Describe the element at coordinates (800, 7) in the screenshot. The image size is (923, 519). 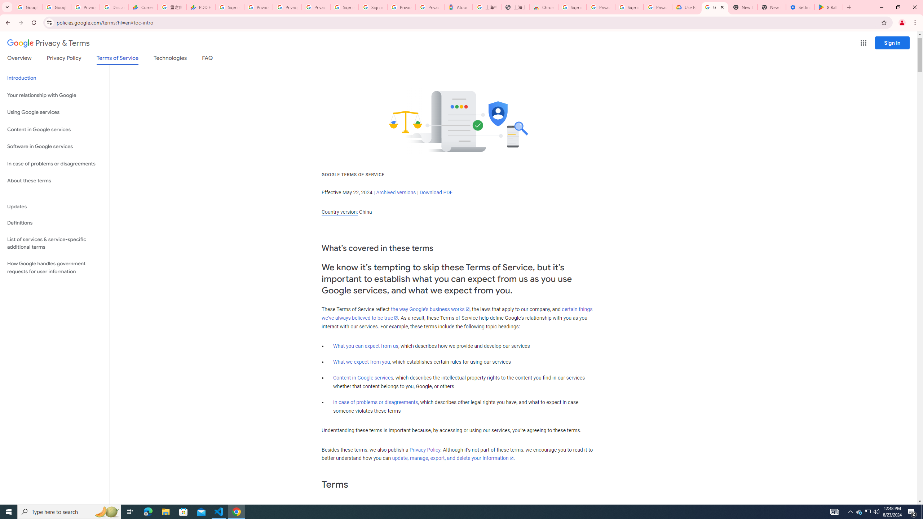
I see `'Settings - System'` at that location.